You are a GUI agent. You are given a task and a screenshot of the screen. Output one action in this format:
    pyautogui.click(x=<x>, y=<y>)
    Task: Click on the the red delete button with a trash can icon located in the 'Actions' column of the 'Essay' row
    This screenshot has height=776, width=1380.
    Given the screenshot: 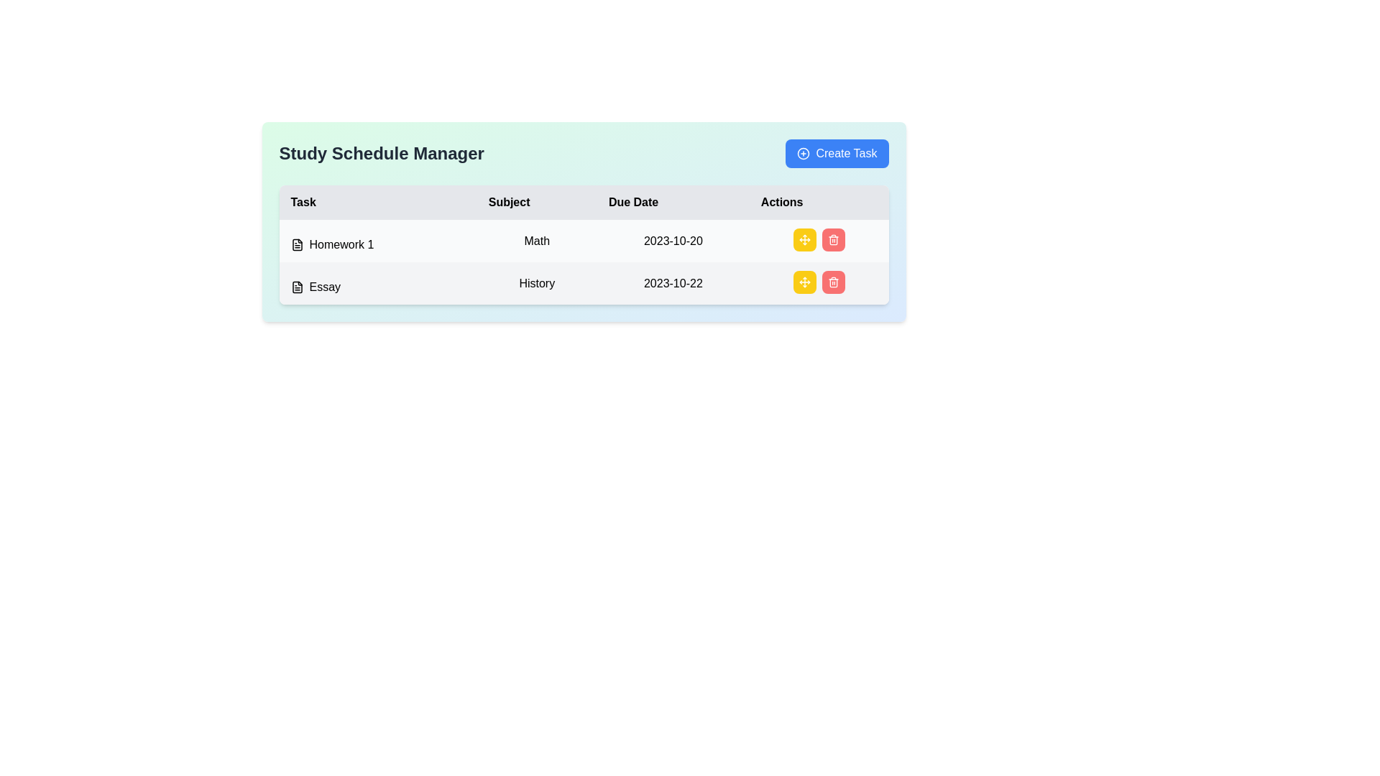 What is the action you would take?
    pyautogui.click(x=833, y=282)
    